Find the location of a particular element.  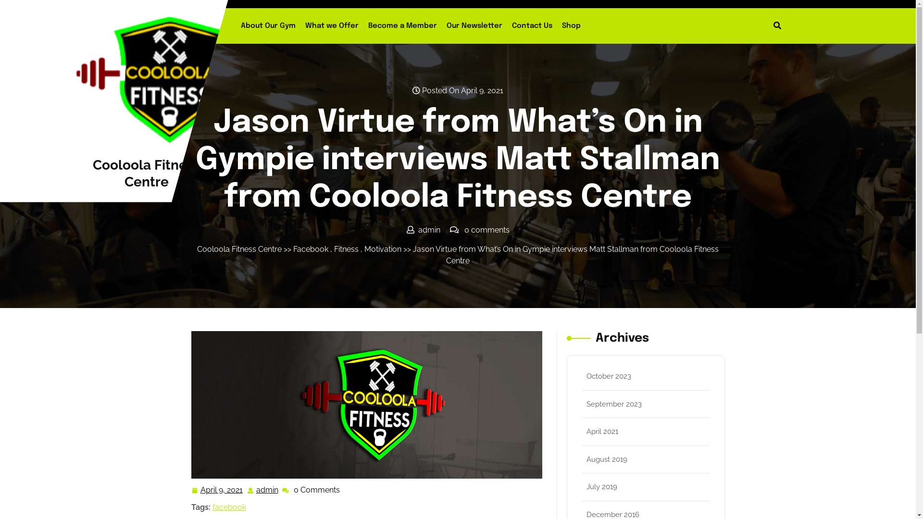

'April 9, 2021' is located at coordinates (198, 490).